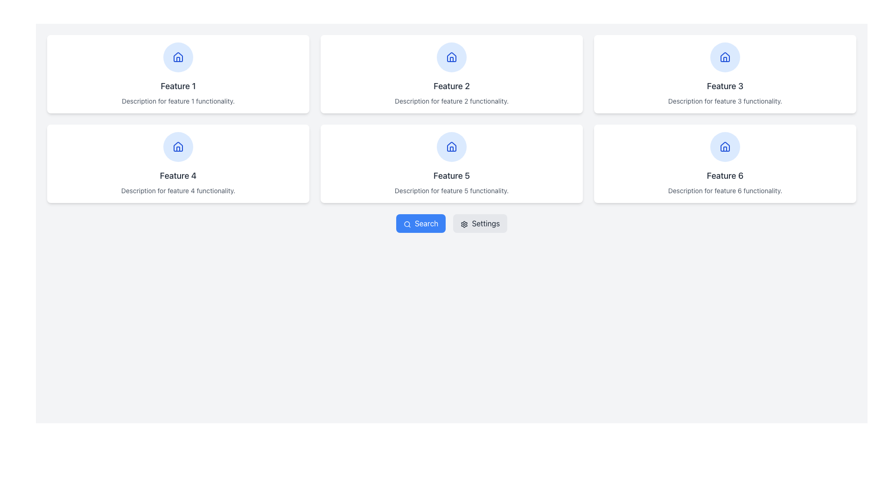 The height and width of the screenshot is (504, 896). I want to click on the home icon located at the top center of the first card in the grid, which is positioned above the text 'Feature 1', so click(178, 57).